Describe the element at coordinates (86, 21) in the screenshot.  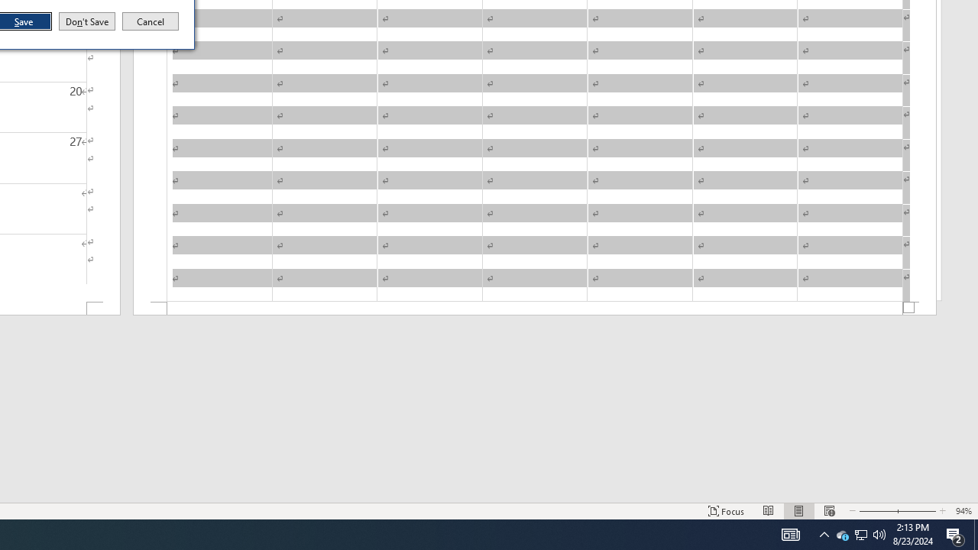
I see `'Don'` at that location.